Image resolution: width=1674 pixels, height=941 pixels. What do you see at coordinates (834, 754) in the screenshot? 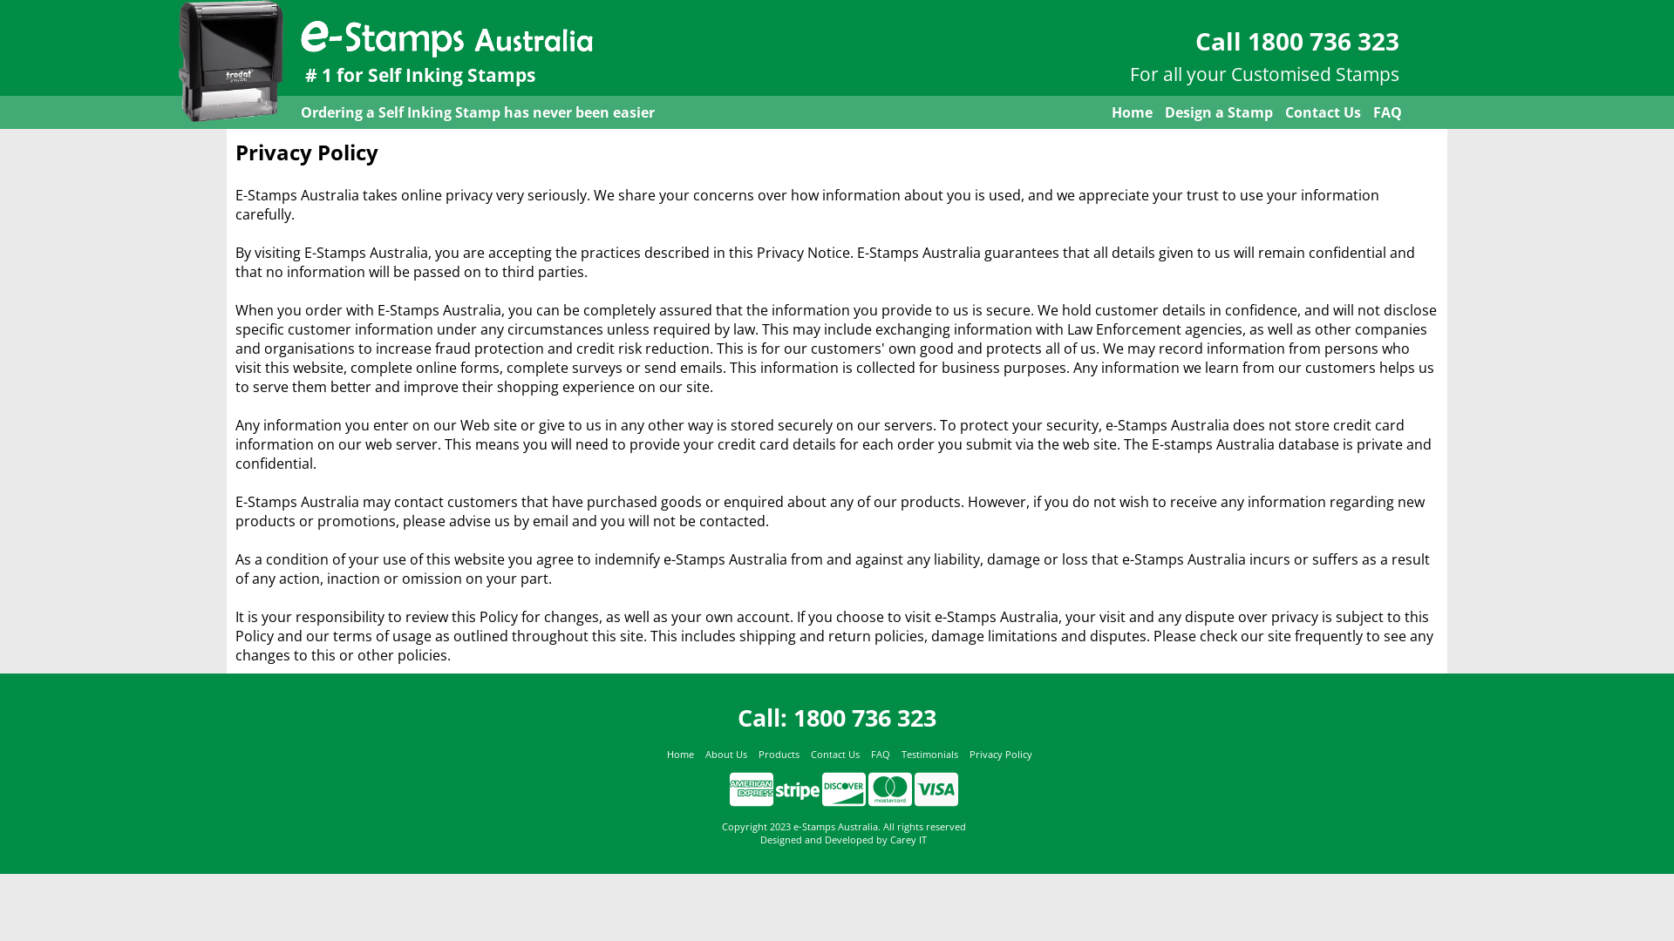
I see `'Contact Us'` at bounding box center [834, 754].